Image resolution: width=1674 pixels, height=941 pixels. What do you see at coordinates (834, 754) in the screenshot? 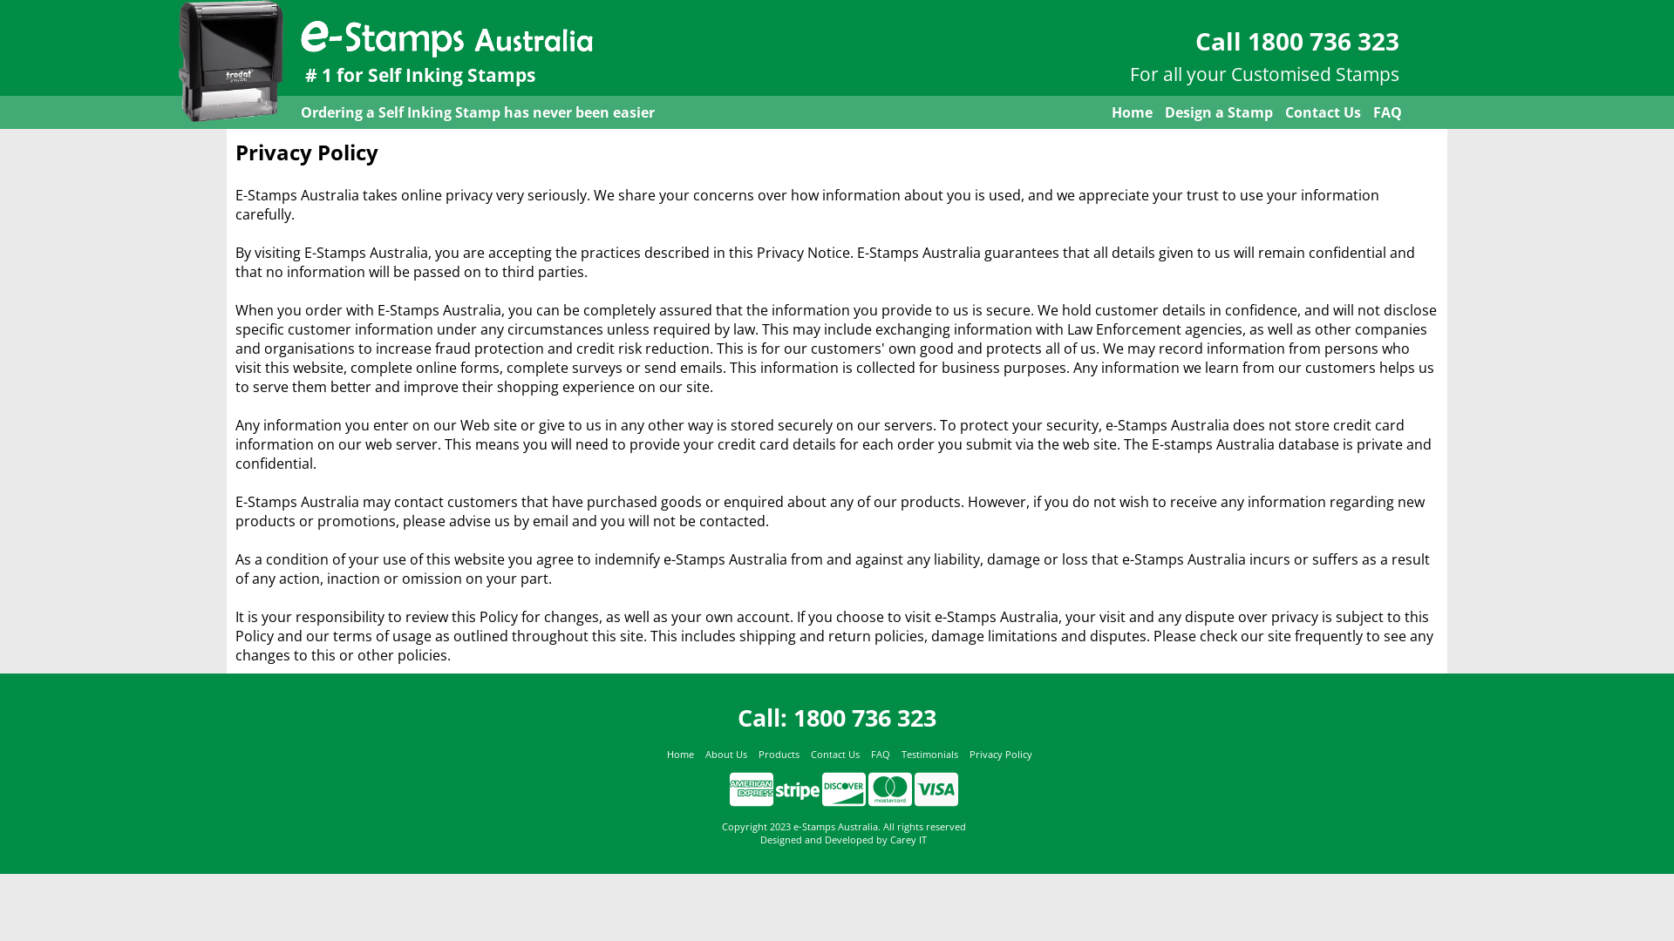
I see `'Contact Us'` at bounding box center [834, 754].